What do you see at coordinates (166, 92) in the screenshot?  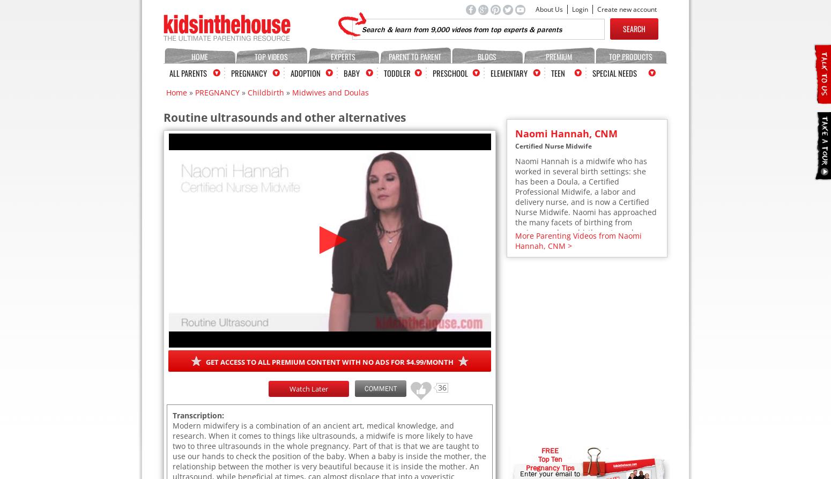 I see `'Home'` at bounding box center [166, 92].